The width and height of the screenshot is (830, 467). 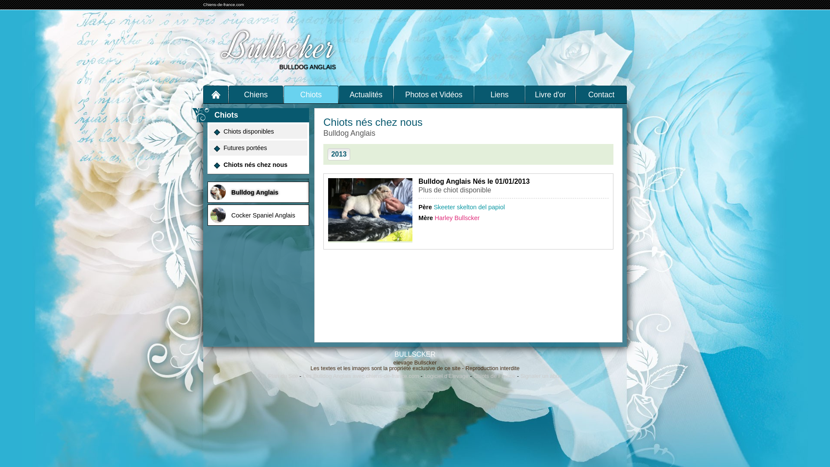 What do you see at coordinates (550, 94) in the screenshot?
I see `'Livre d'or'` at bounding box center [550, 94].